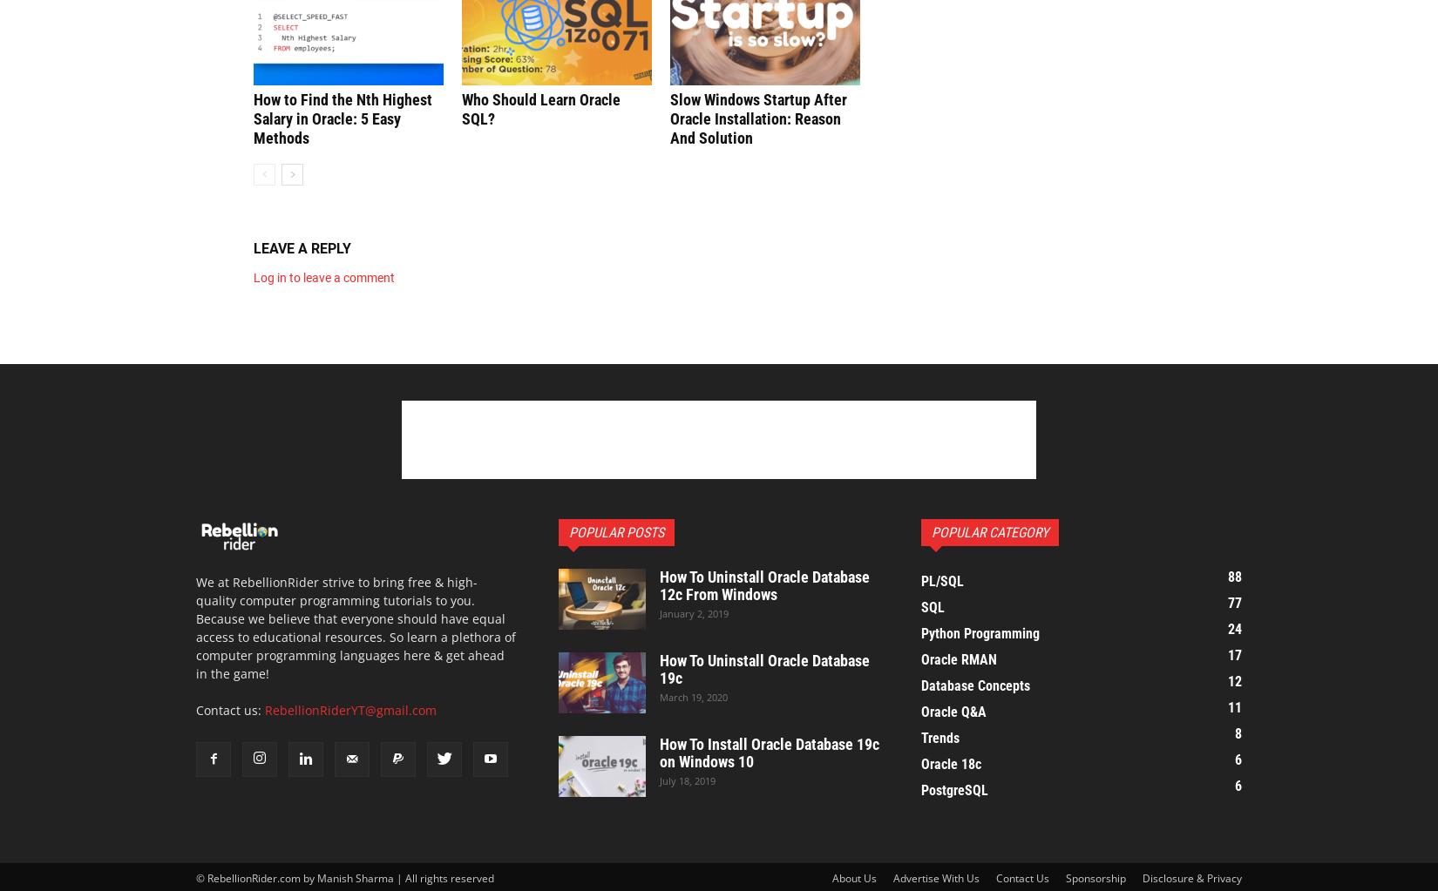 The width and height of the screenshot is (1438, 891). I want to click on '©  RebellionRider.com by Manish Sharma | All rights reserved', so click(345, 876).